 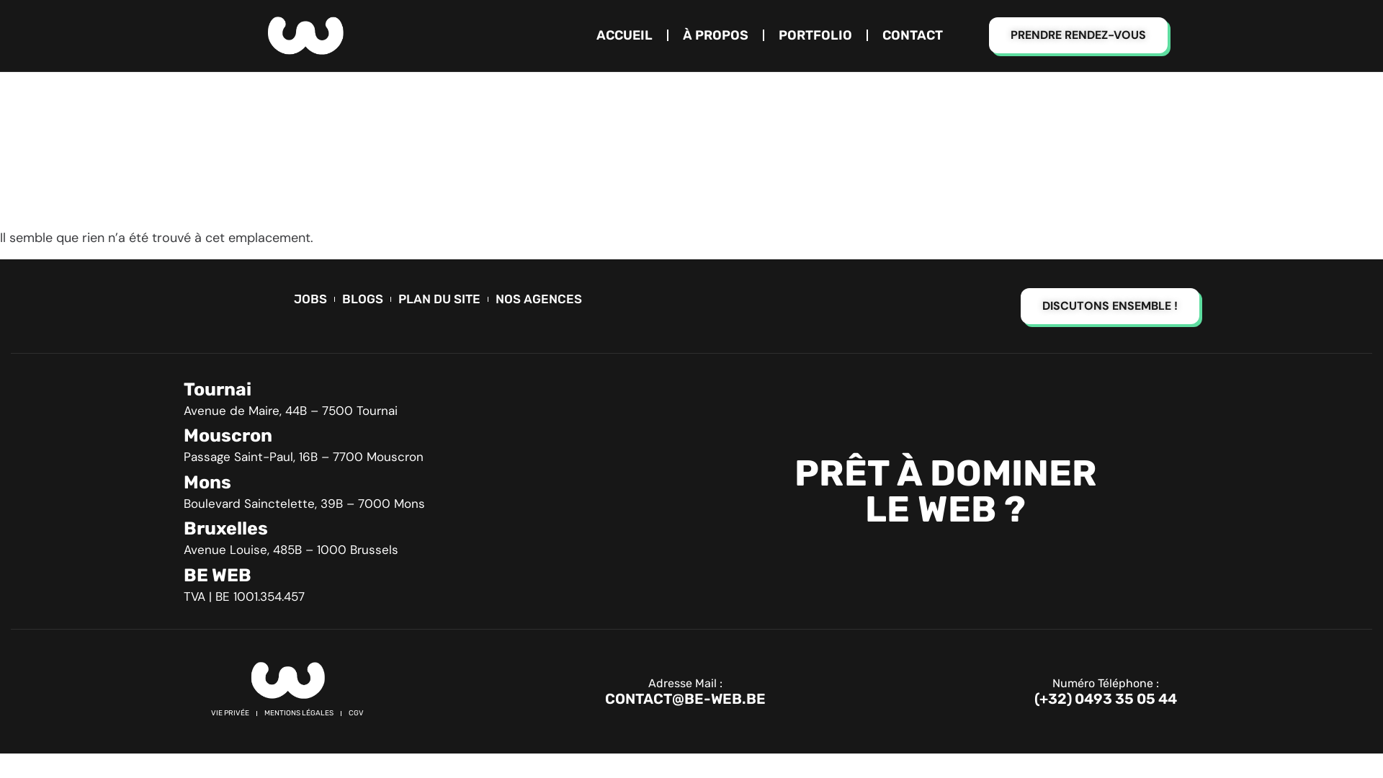 I want to click on 'NOS AGENCES', so click(x=538, y=298).